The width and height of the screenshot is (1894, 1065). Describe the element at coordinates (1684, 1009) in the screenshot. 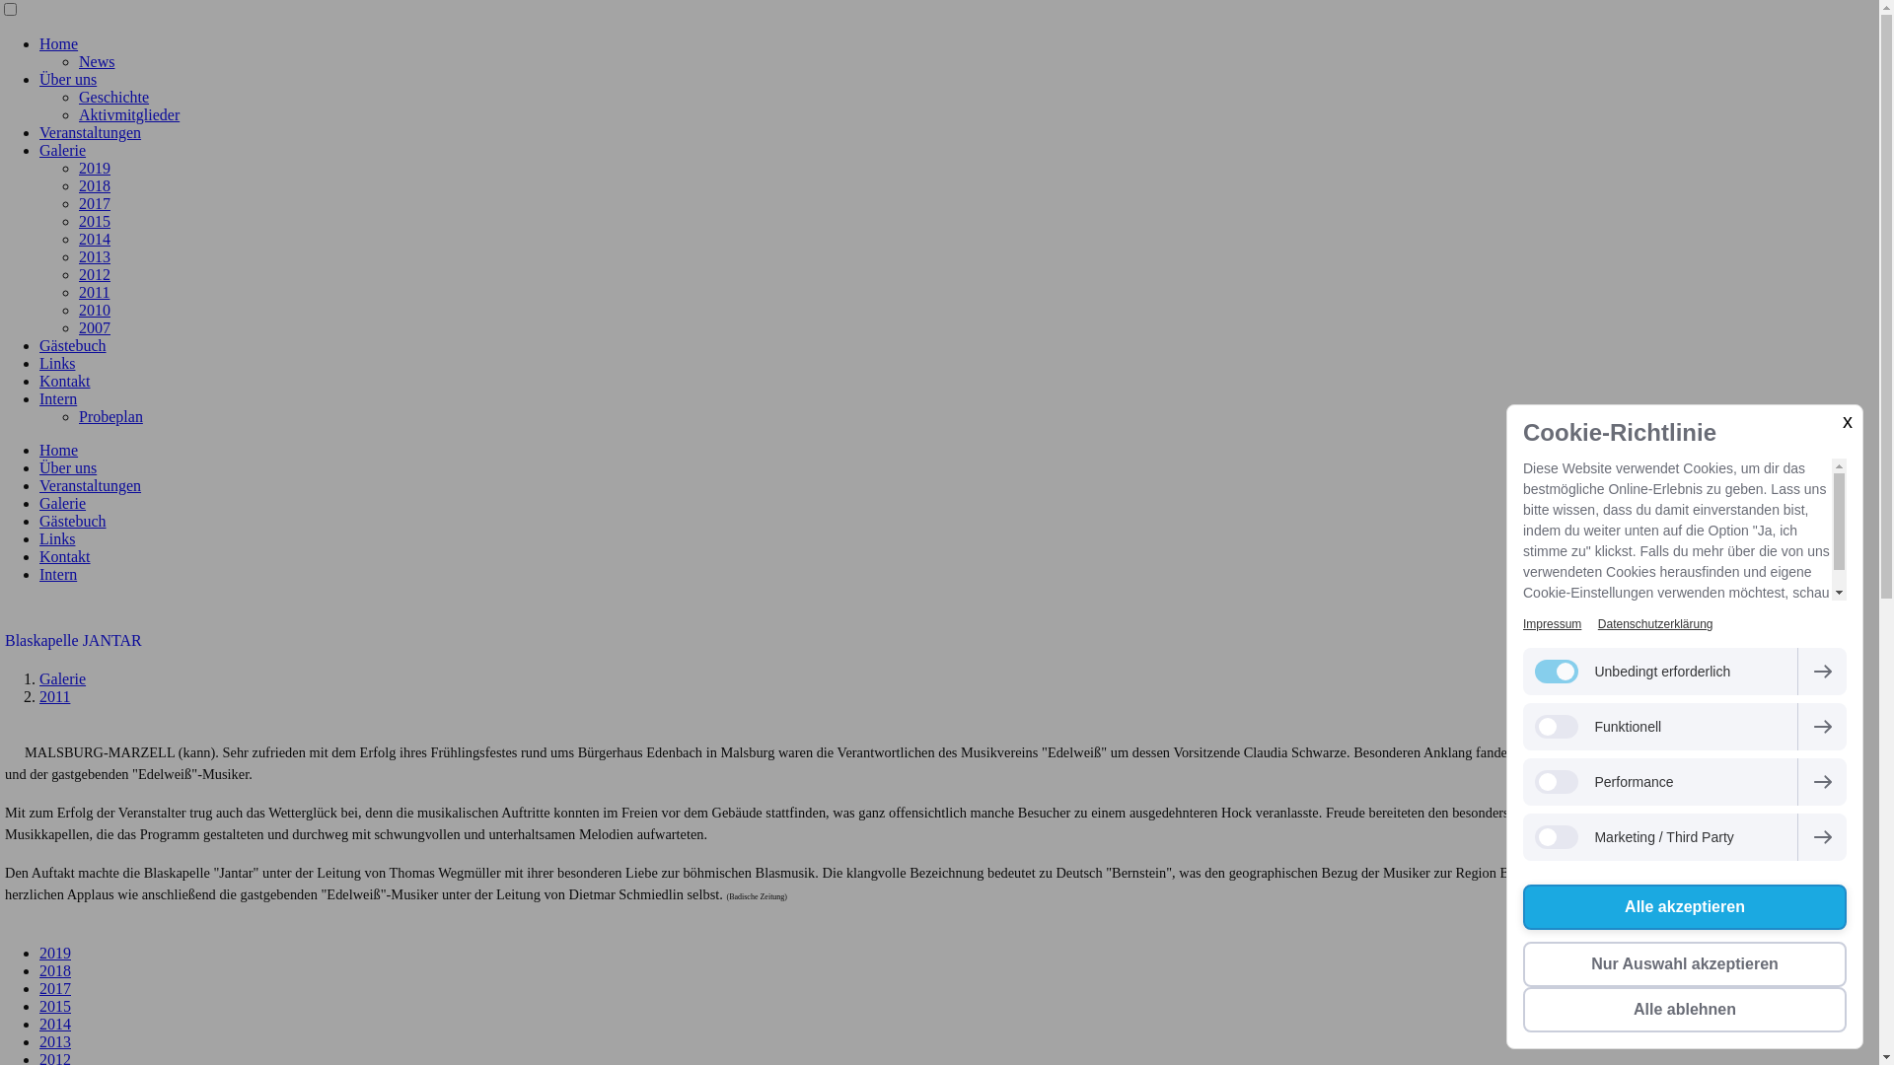

I see `'Alle ablehnen'` at that location.